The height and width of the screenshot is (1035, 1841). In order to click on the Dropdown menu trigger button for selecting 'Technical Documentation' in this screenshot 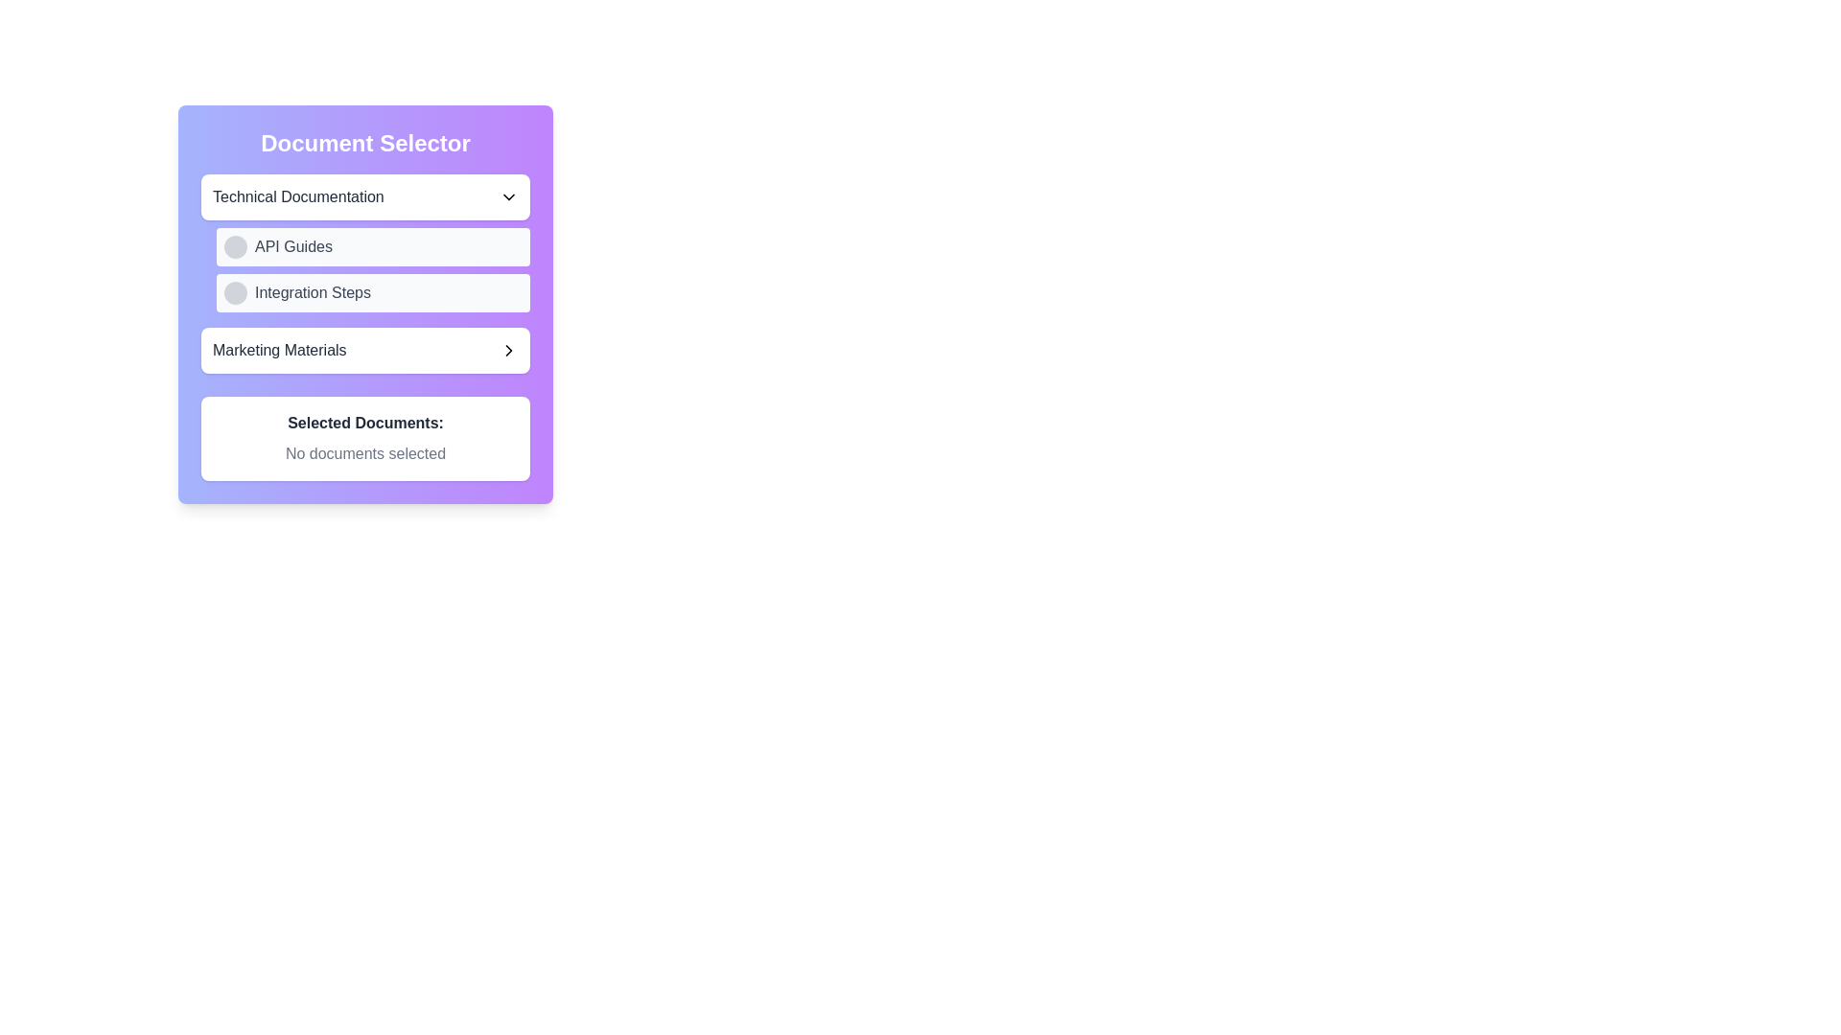, I will do `click(365, 196)`.